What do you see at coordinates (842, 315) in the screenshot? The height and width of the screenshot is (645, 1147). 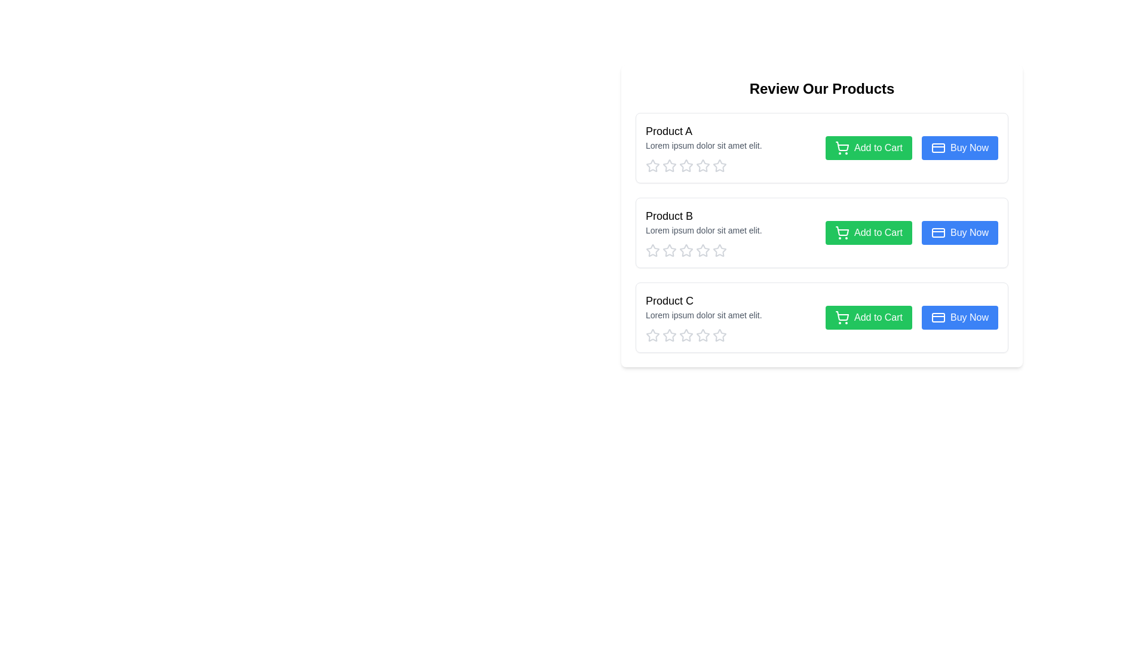 I see `the shopping cart icon within the 'Add to Cart' button next to 'Product C' to interact with the button` at bounding box center [842, 315].